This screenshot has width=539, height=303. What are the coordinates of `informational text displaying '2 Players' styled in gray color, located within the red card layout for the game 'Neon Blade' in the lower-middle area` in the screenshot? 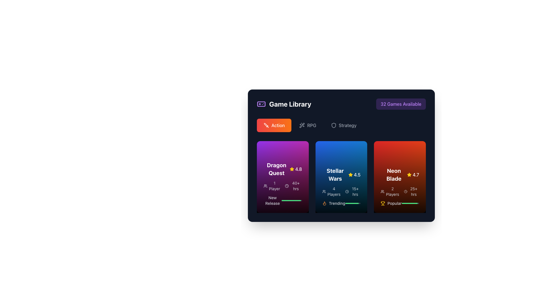 It's located at (390, 191).